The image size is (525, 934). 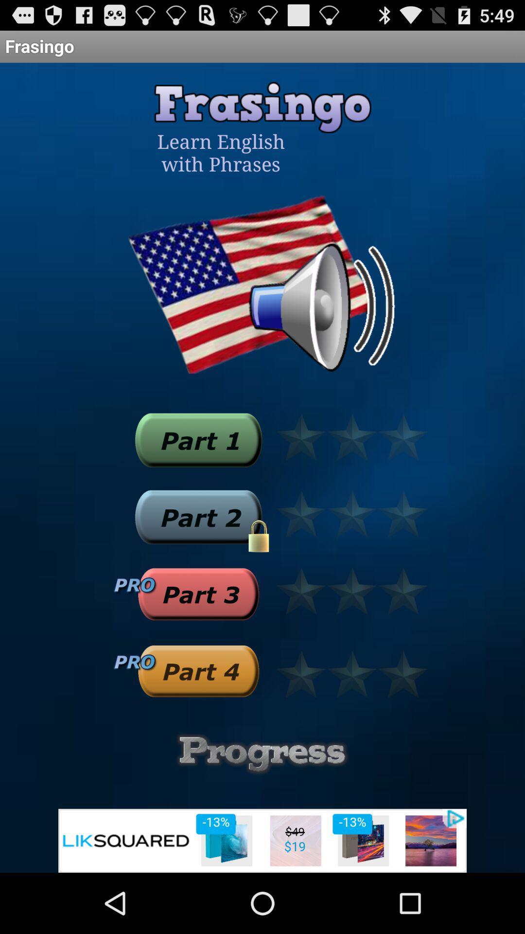 I want to click on the sliders icon, so click(x=262, y=807).